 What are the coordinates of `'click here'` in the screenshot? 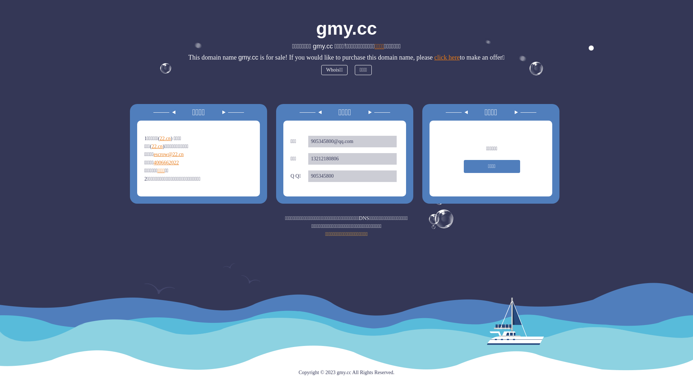 It's located at (446, 57).